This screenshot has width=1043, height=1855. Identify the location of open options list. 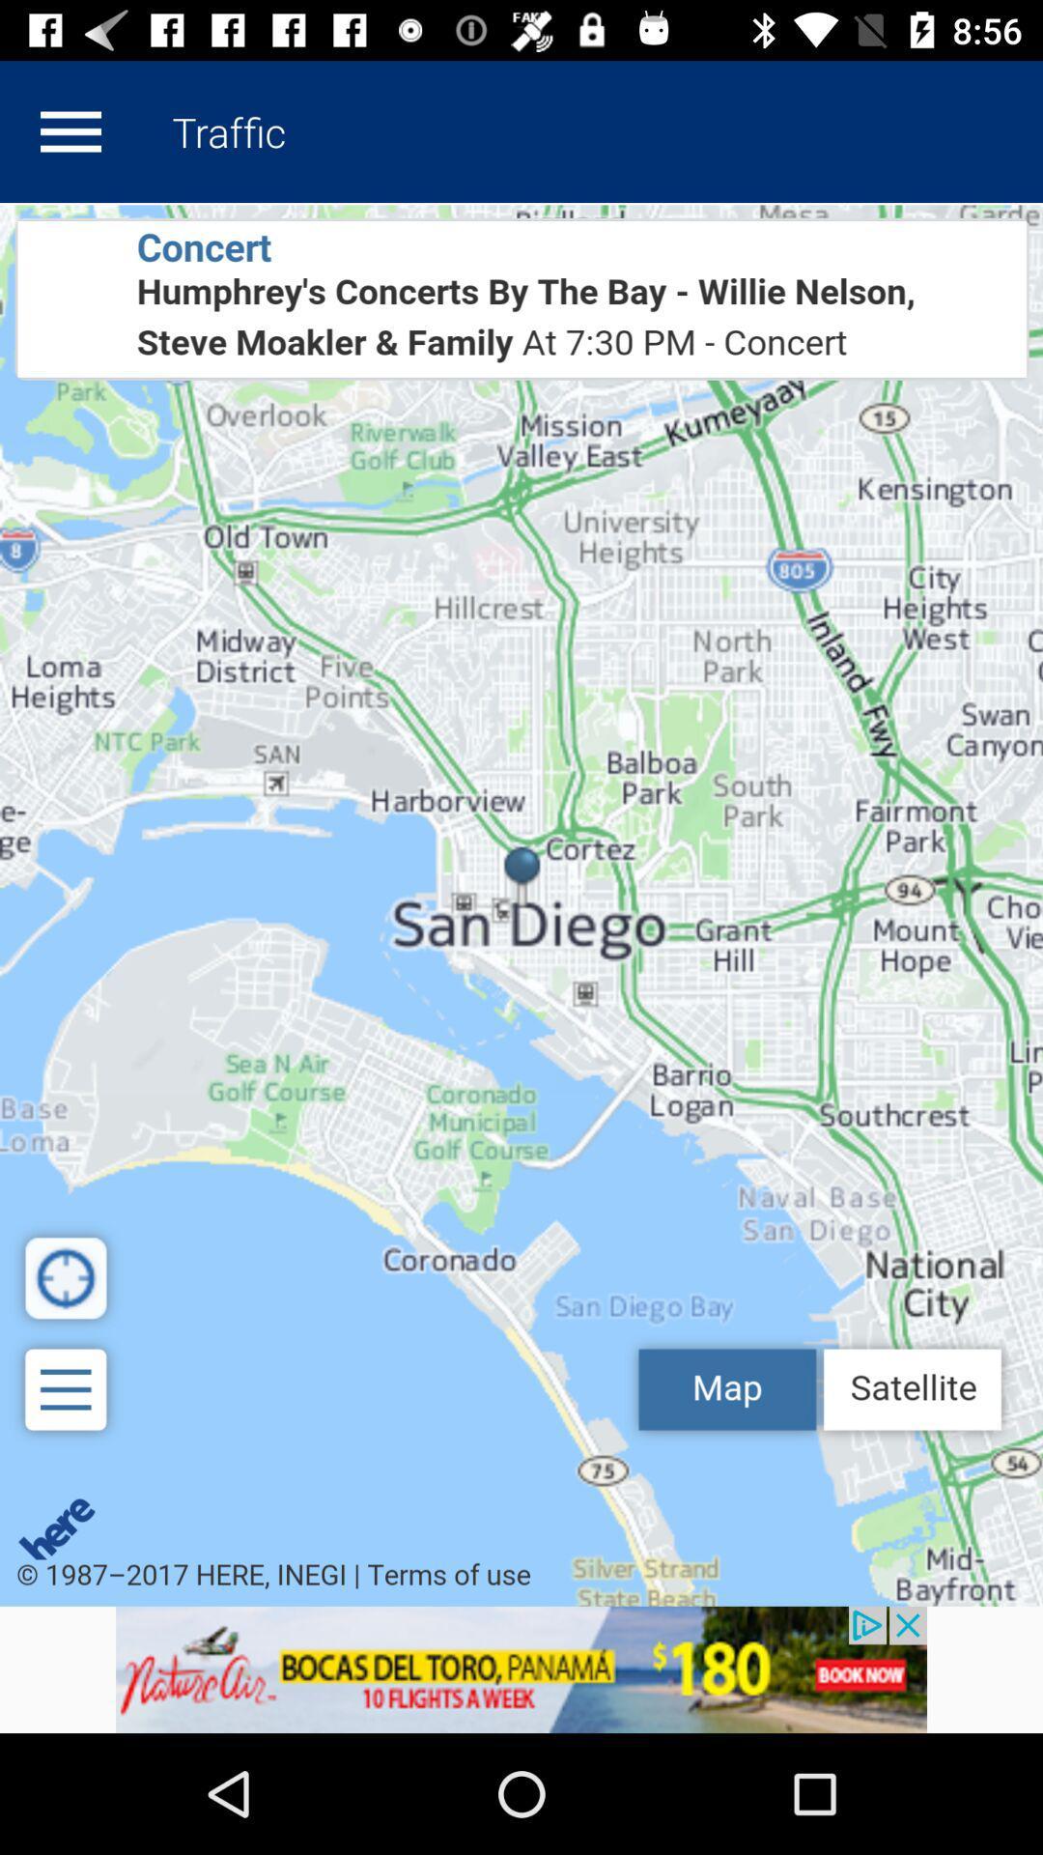
(70, 130).